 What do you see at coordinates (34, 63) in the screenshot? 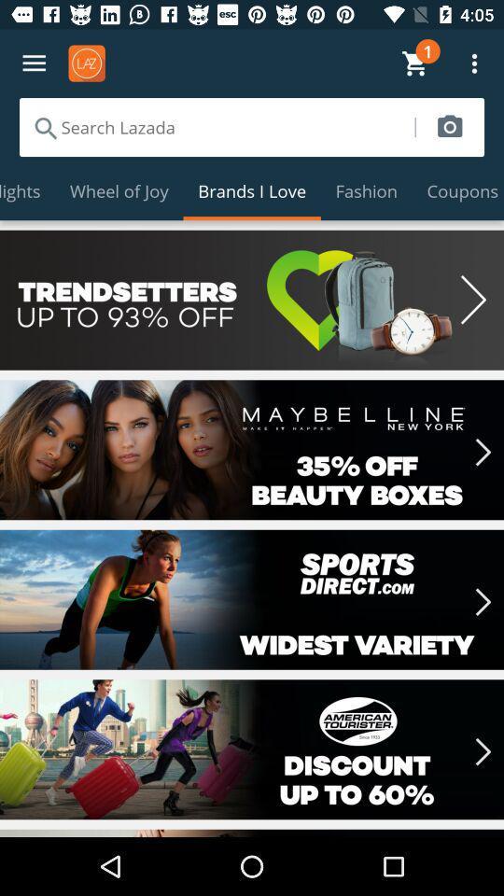
I see `menu` at bounding box center [34, 63].